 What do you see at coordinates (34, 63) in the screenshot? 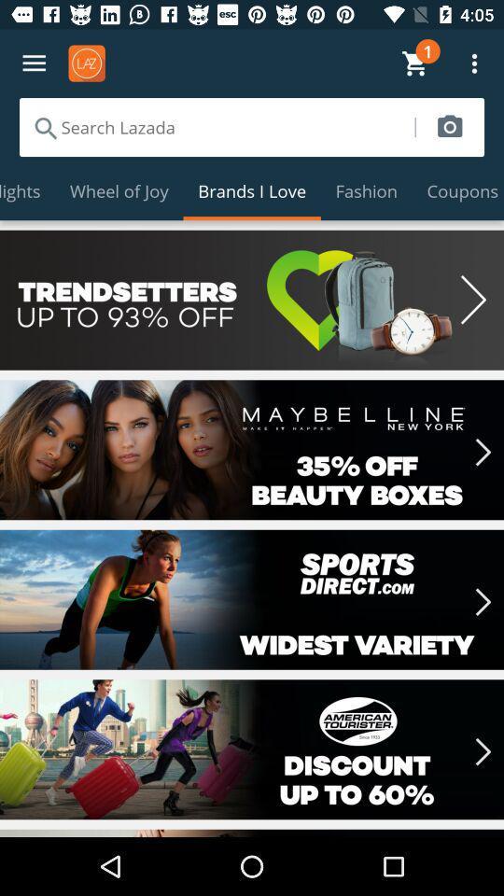
I see `menu` at bounding box center [34, 63].